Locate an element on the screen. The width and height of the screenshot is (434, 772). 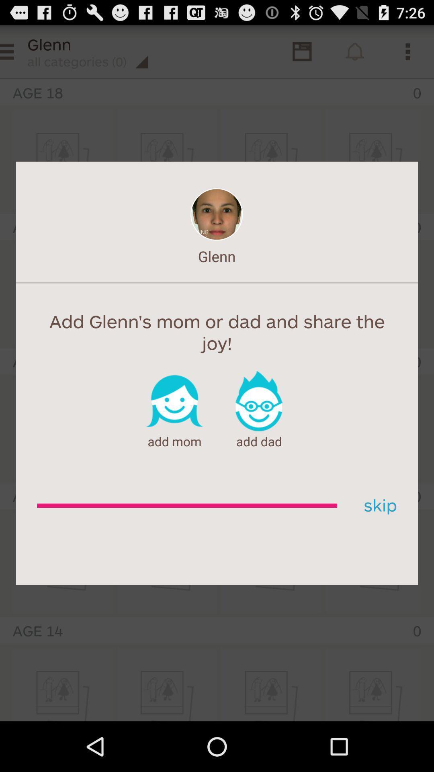
item on the right is located at coordinates (377, 505).